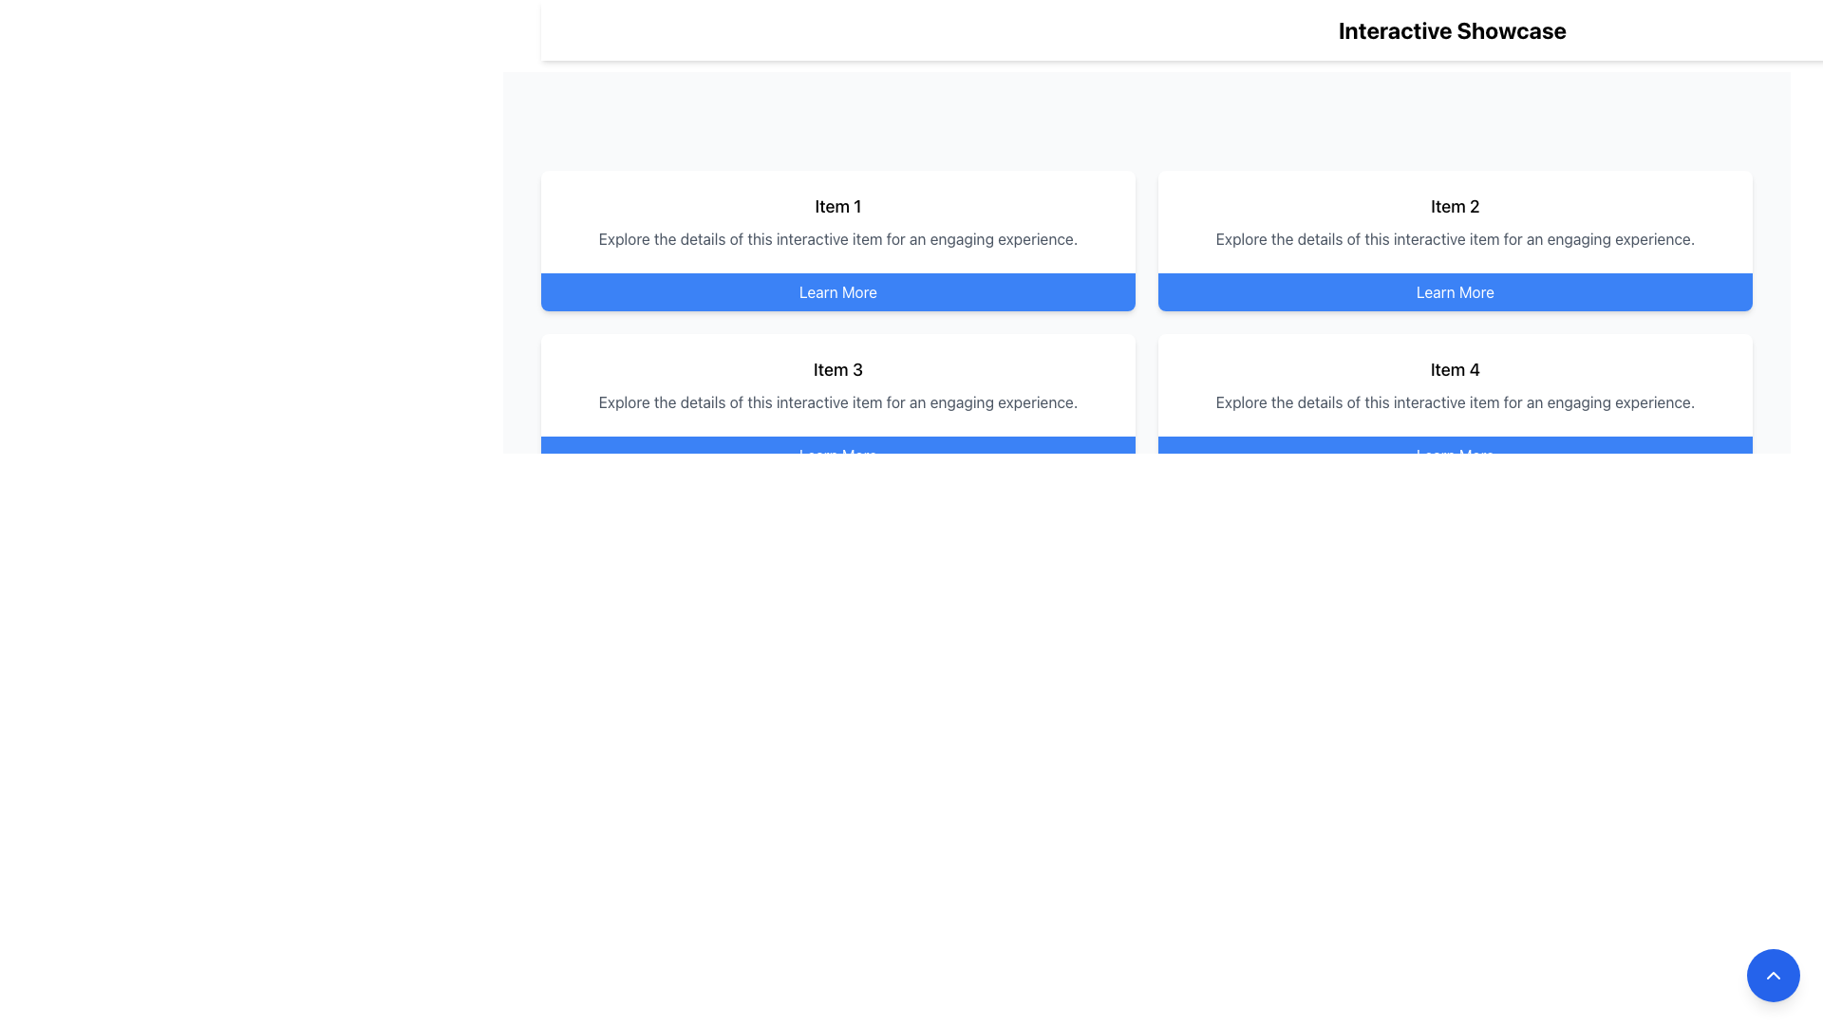  I want to click on the text element that reads 'Explore the details of this interactive item for an engaging experience.' located below 'Item 1' and above the 'Learn More' button in the card interface, so click(837, 237).